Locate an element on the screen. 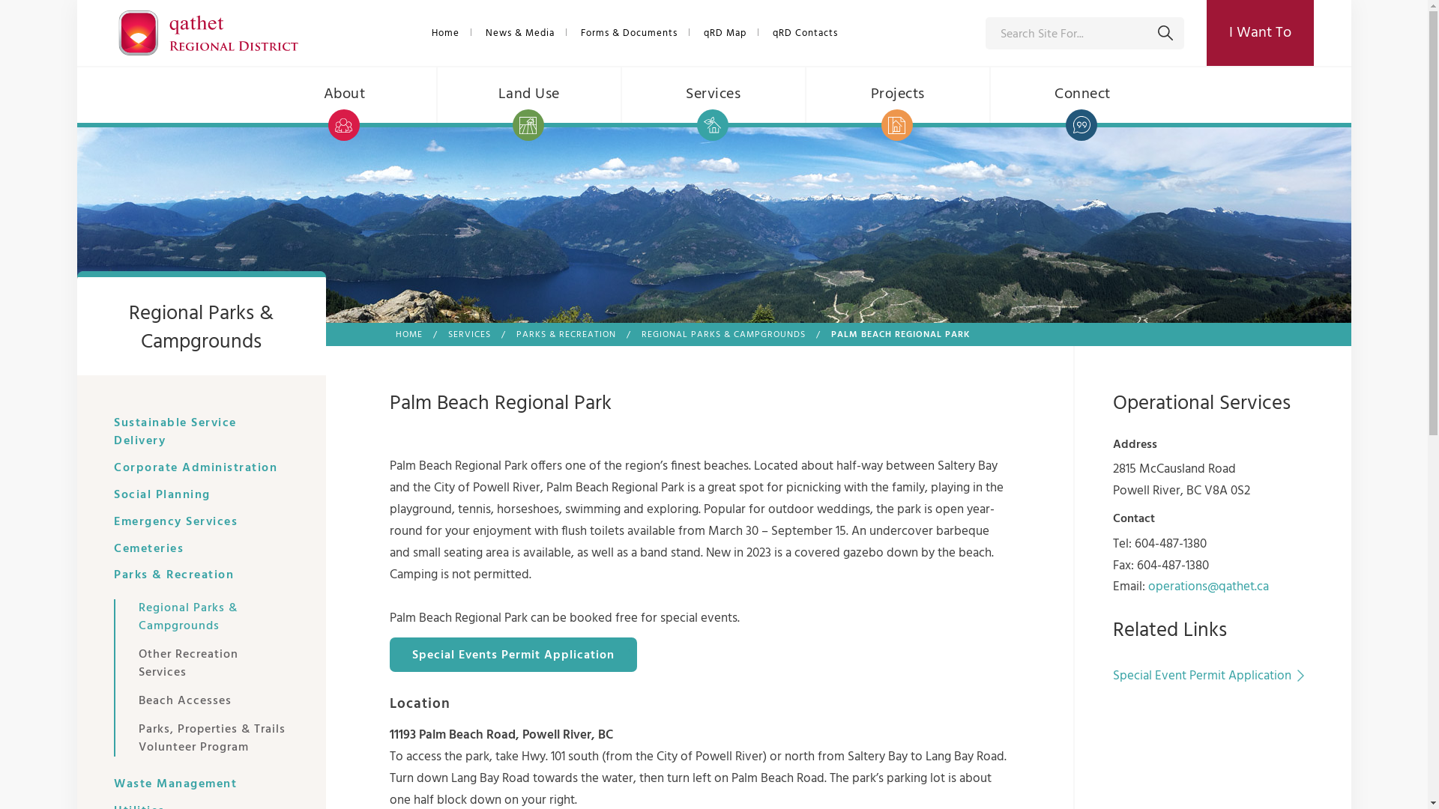  'operations@qathet.ca' is located at coordinates (1208, 586).